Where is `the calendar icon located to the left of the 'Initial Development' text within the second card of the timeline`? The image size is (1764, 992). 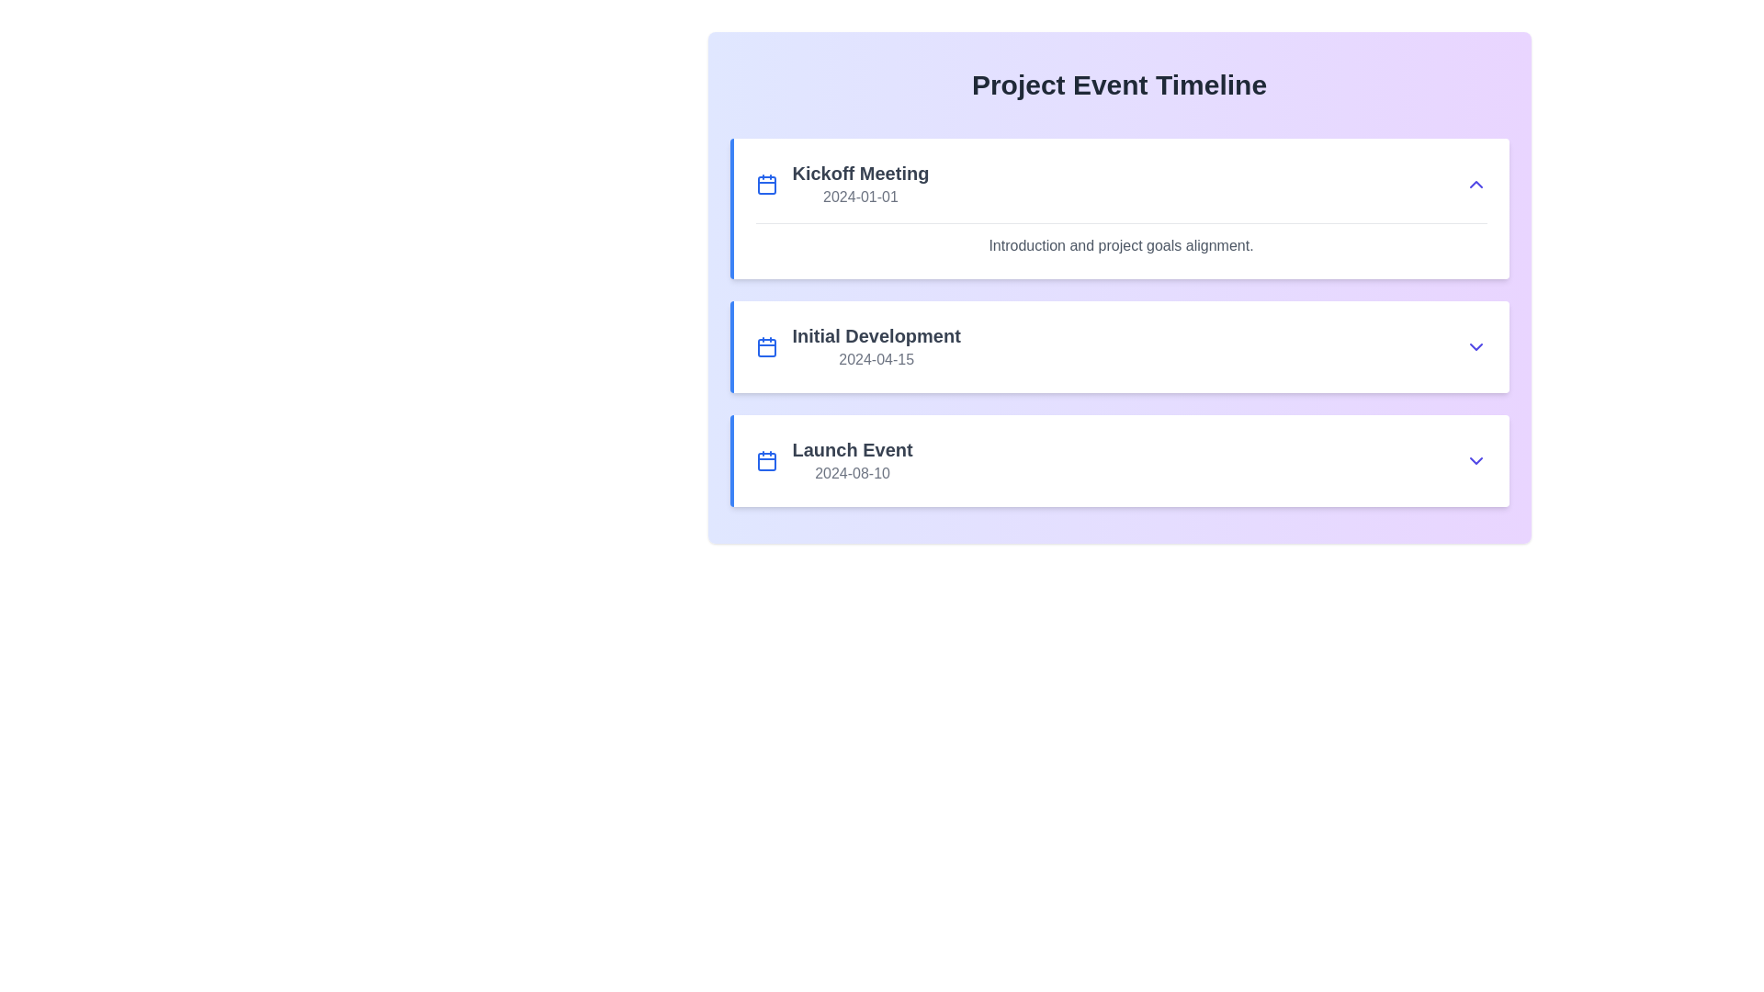 the calendar icon located to the left of the 'Initial Development' text within the second card of the timeline is located at coordinates (766, 347).